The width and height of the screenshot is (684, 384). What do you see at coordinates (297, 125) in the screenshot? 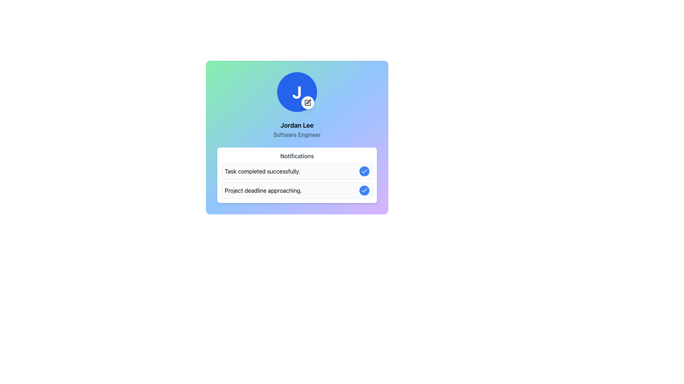
I see `the user name Text label located at the center of the interface, positioned above the 'Software Engineer' text` at bounding box center [297, 125].